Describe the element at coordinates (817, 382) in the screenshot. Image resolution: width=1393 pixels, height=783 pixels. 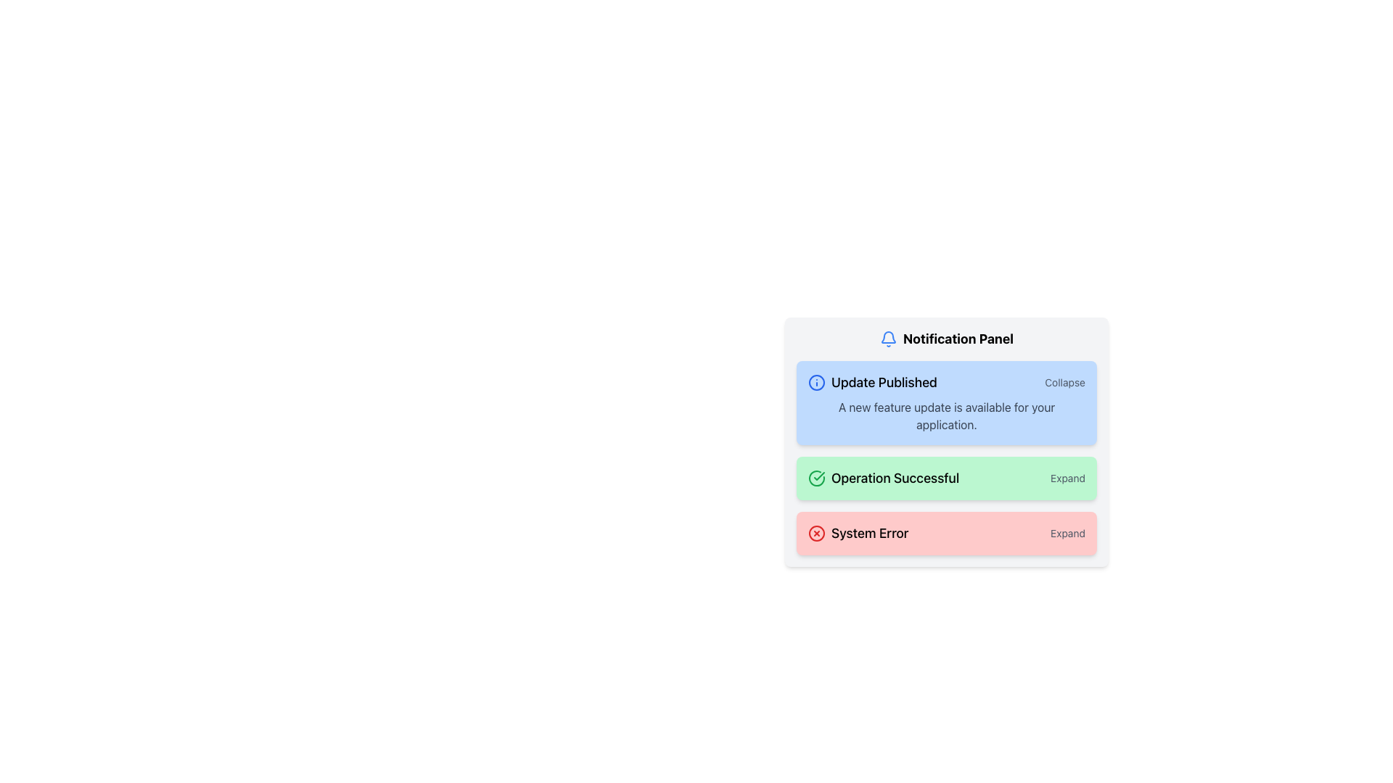
I see `the SVG circle that is part of the informational icon next to the 'Update Published' notification in the list of notifications` at that location.